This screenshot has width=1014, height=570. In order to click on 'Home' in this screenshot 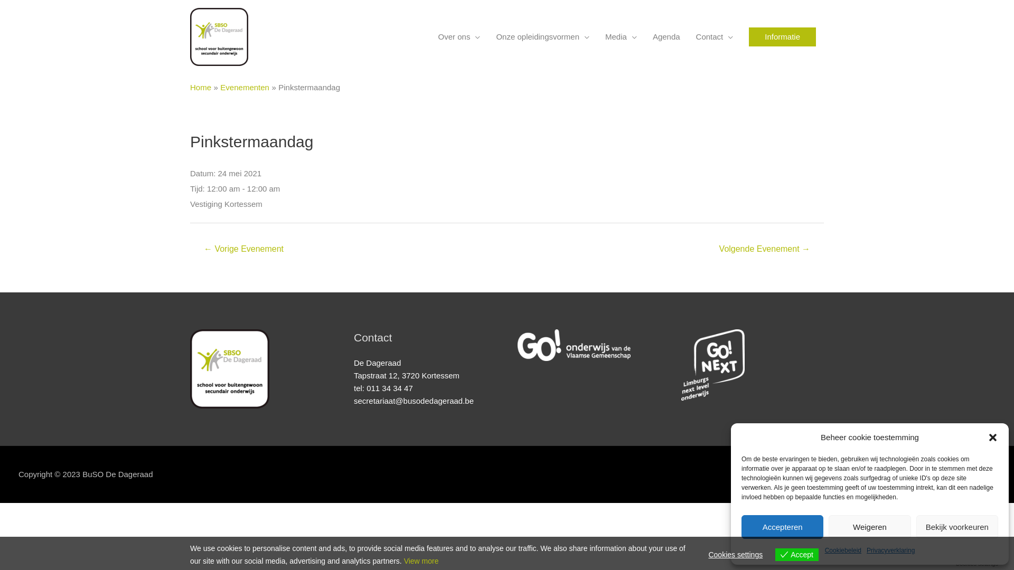, I will do `click(200, 87)`.